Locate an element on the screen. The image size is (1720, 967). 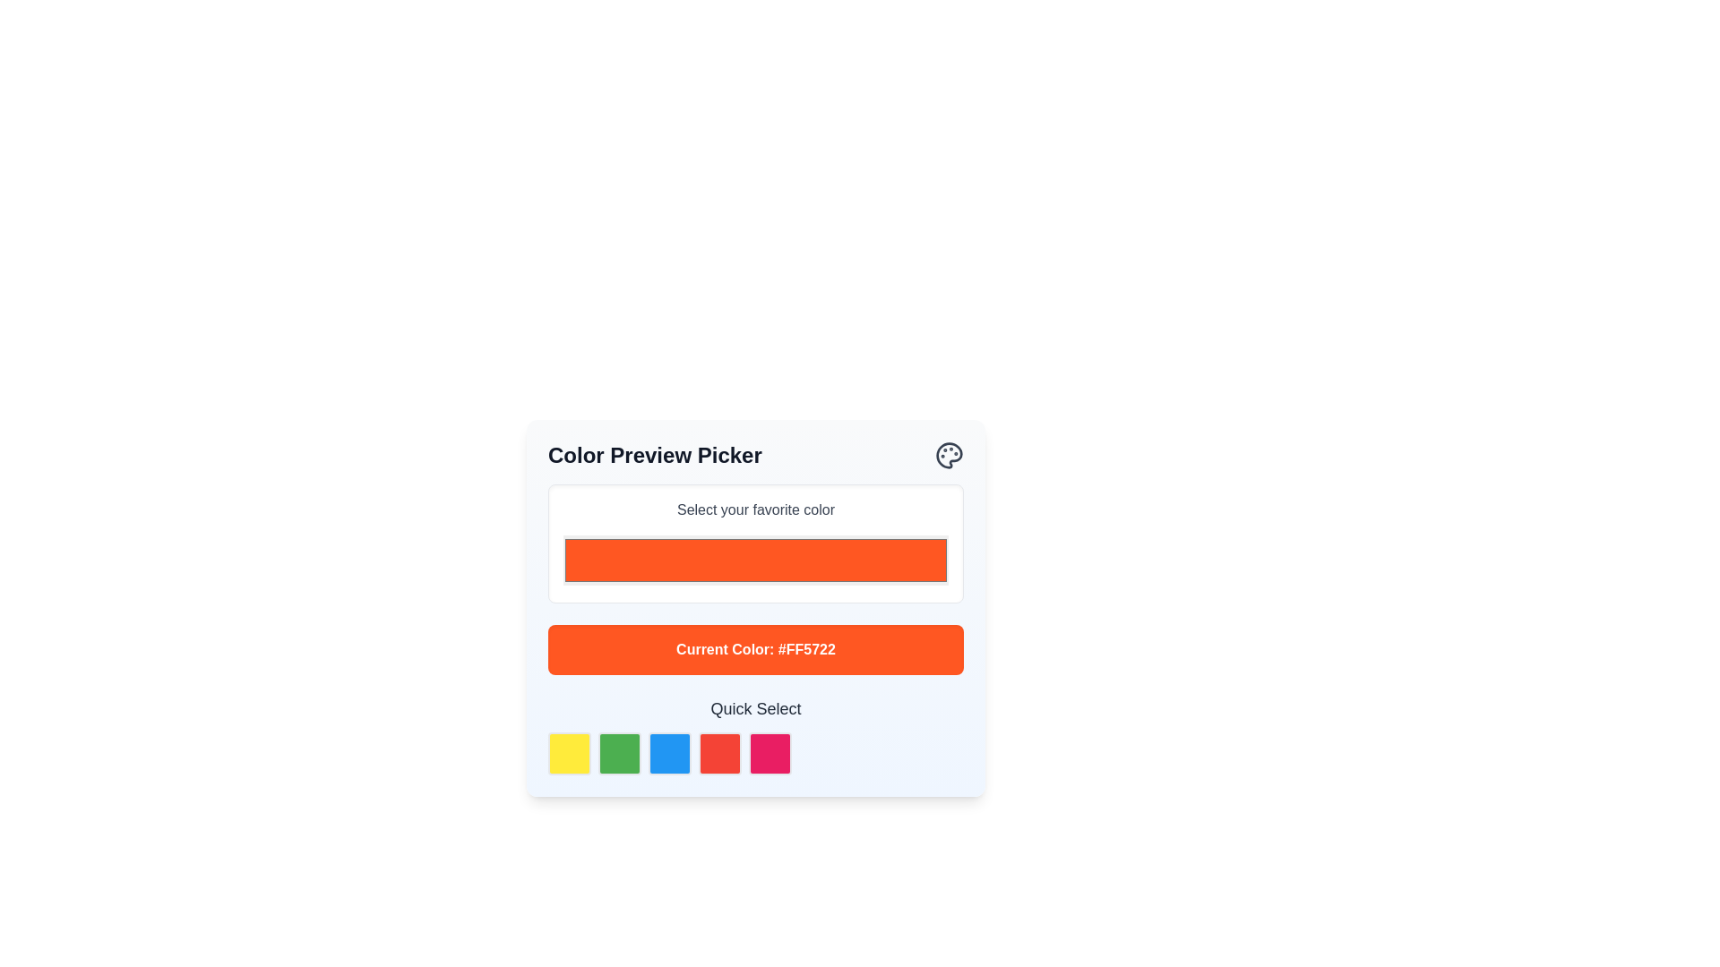
the first color selection button in the bottom-left corner of the row under 'Quick Select' is located at coordinates (568, 753).